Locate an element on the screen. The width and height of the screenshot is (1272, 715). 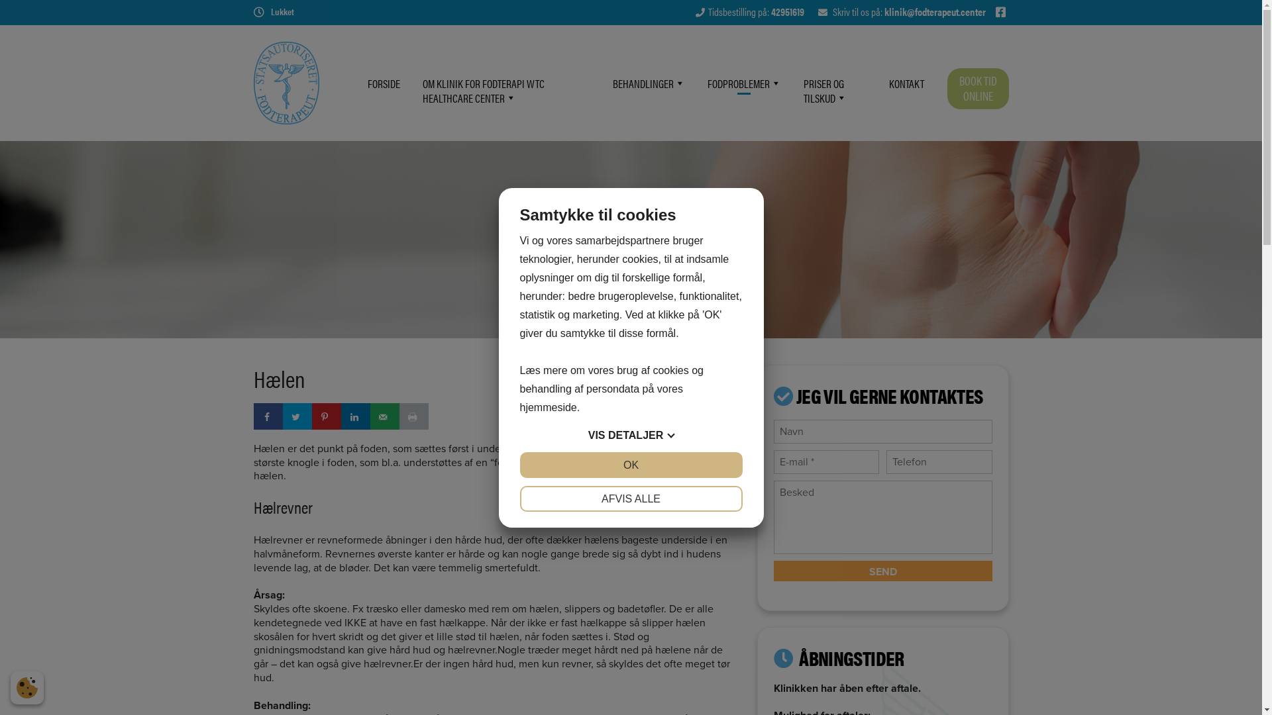
'FORSIDE' is located at coordinates (383, 83).